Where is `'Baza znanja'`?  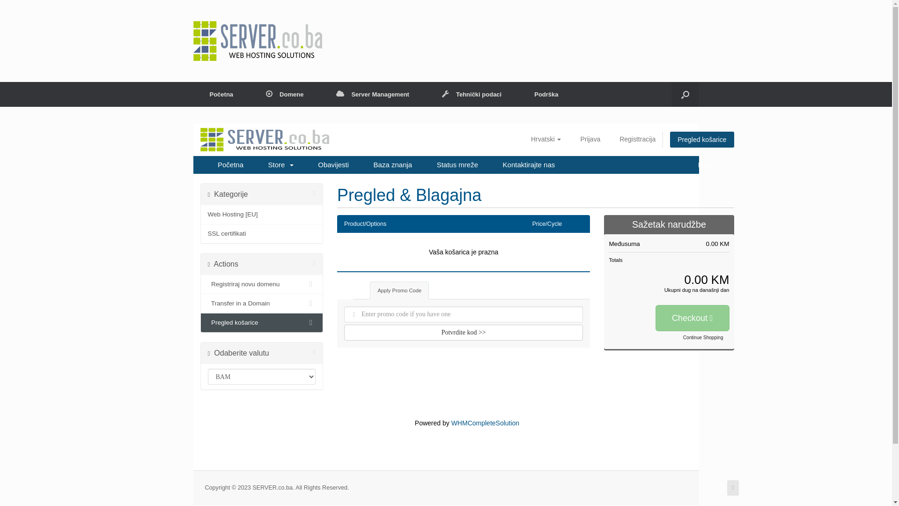
'Baza znanja' is located at coordinates (393, 164).